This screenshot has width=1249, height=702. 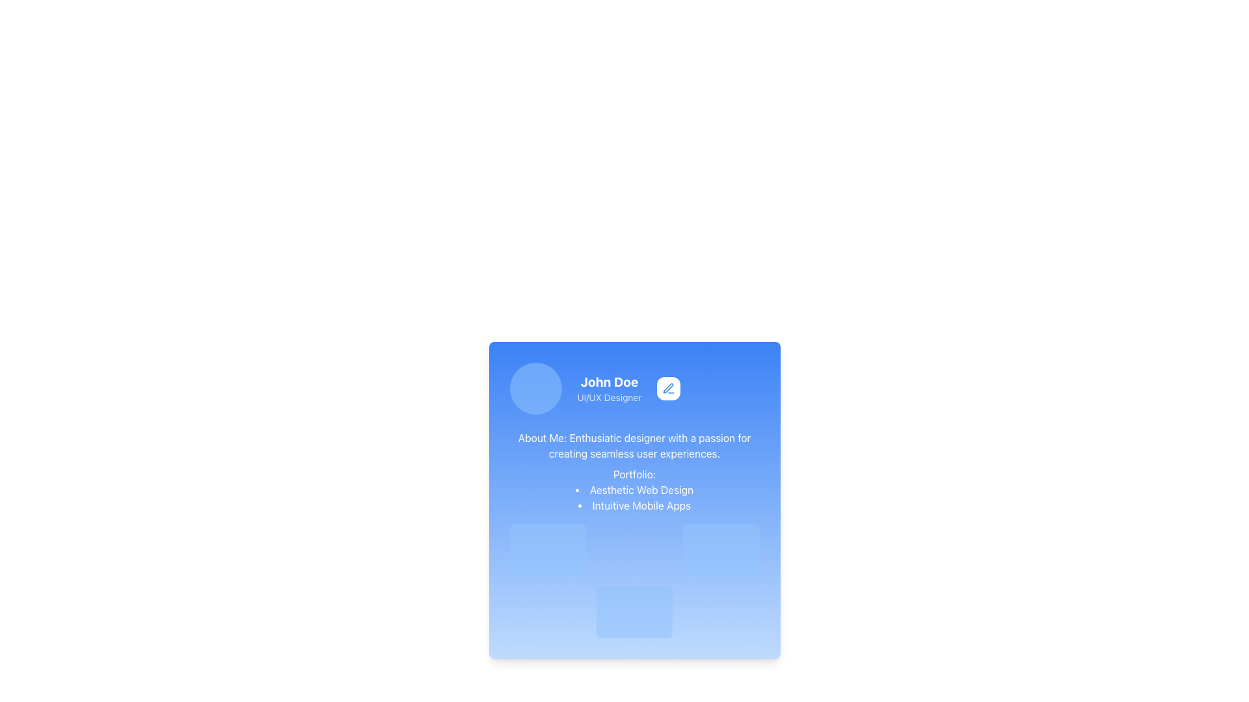 I want to click on the Decorative placeholder block with animated styling, which is a rounded rectangular block with a blue background located in the first column of the second row in a grid layout, so click(x=548, y=612).